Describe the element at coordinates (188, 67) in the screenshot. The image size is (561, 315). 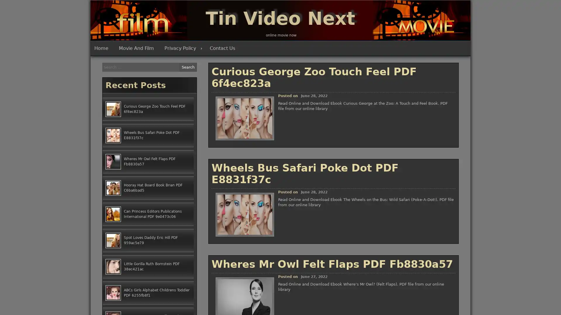
I see `Search` at that location.